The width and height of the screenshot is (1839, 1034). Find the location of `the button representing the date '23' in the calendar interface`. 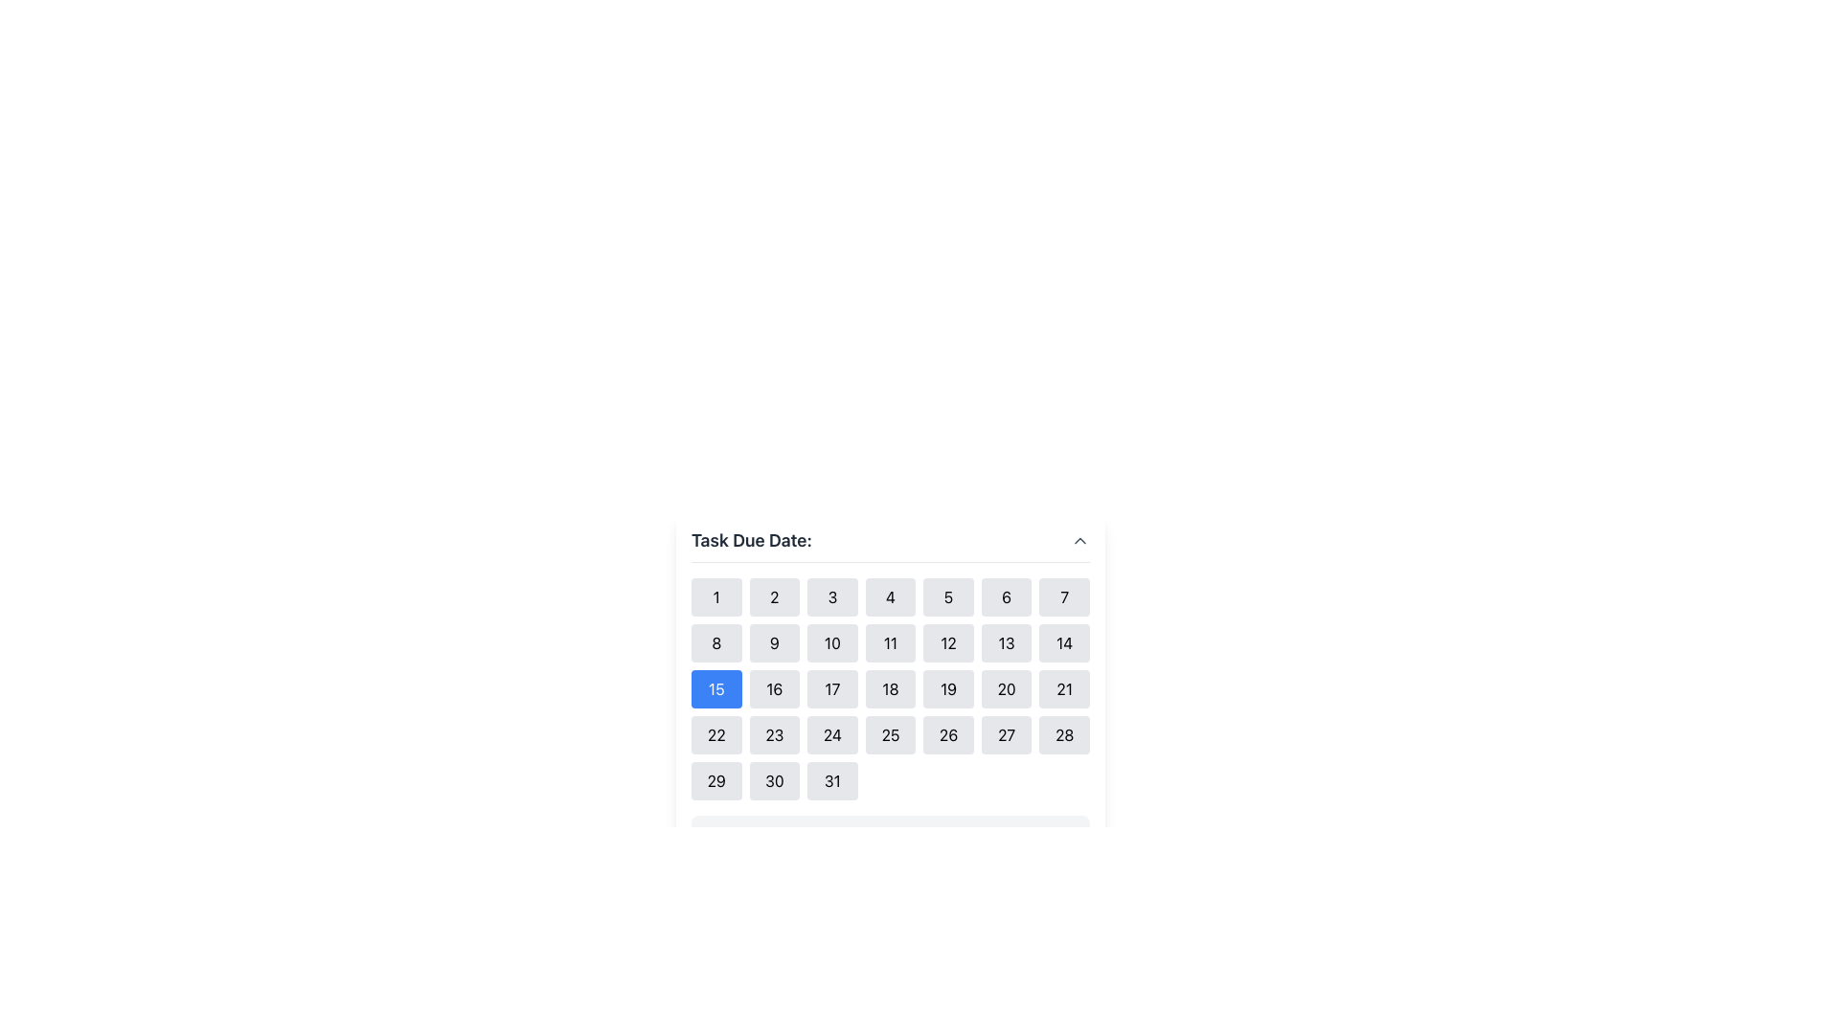

the button representing the date '23' in the calendar interface is located at coordinates (774, 733).